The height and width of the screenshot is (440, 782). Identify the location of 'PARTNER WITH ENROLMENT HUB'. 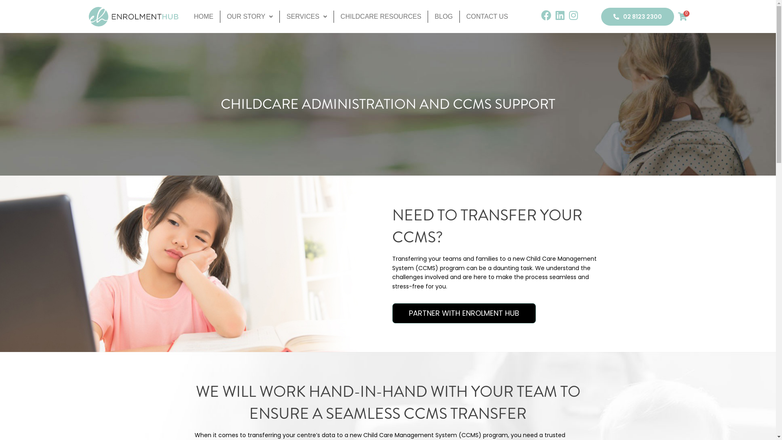
(463, 312).